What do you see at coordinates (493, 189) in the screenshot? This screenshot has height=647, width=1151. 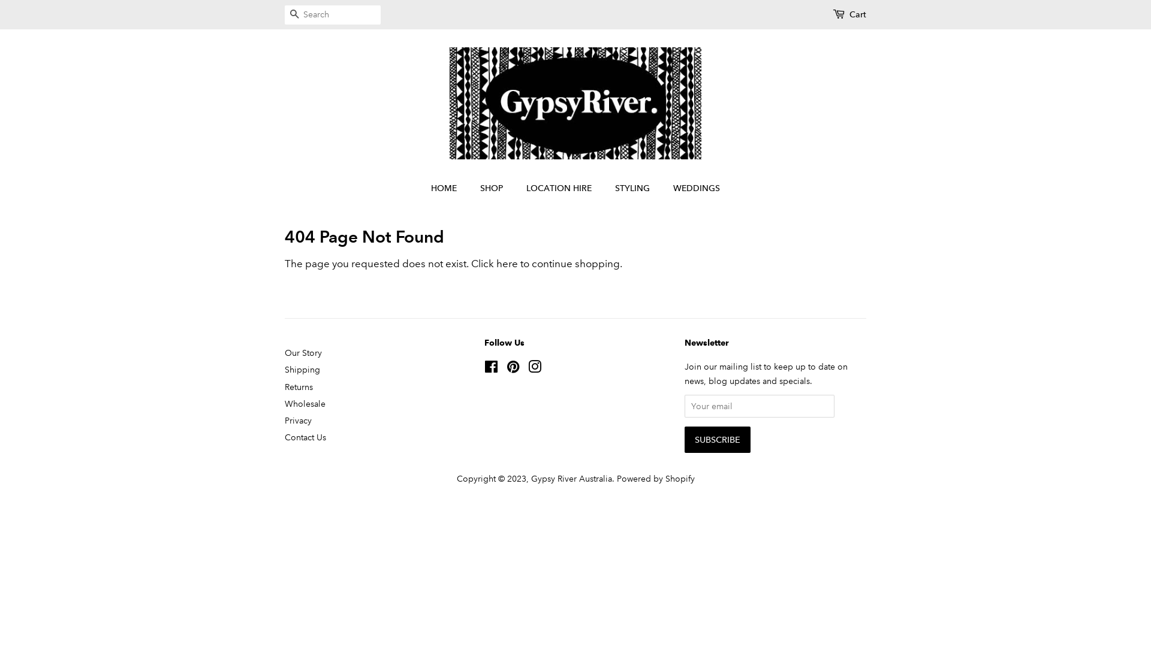 I see `'SHOP'` at bounding box center [493, 189].